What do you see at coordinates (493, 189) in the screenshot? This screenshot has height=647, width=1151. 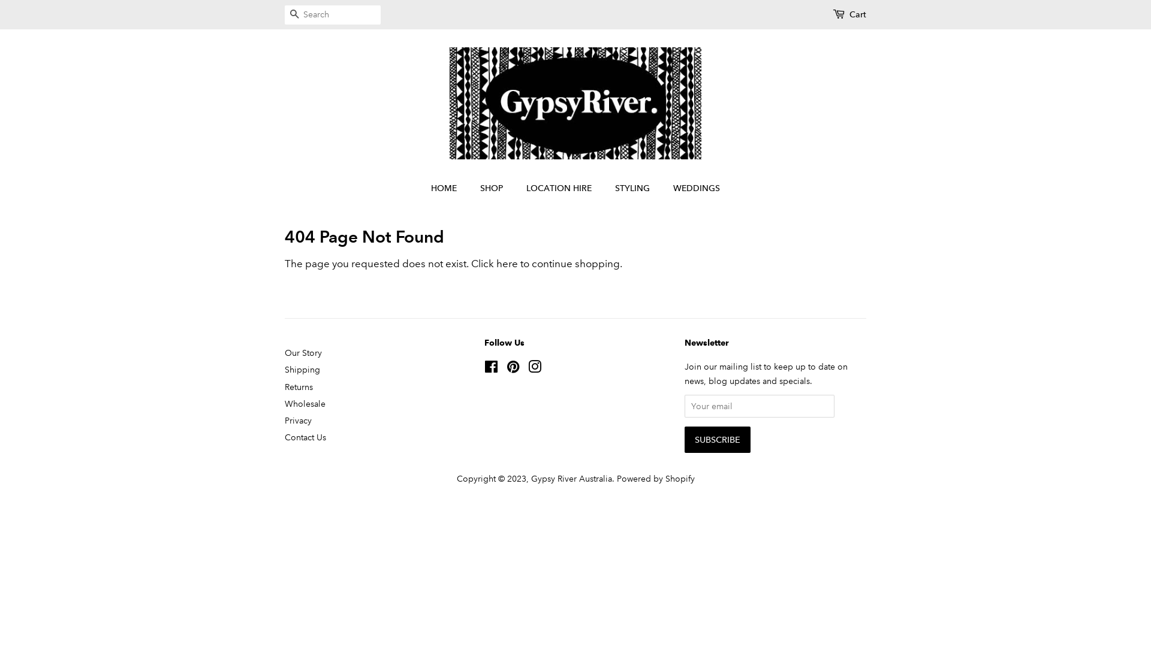 I see `'SHOP'` at bounding box center [493, 189].